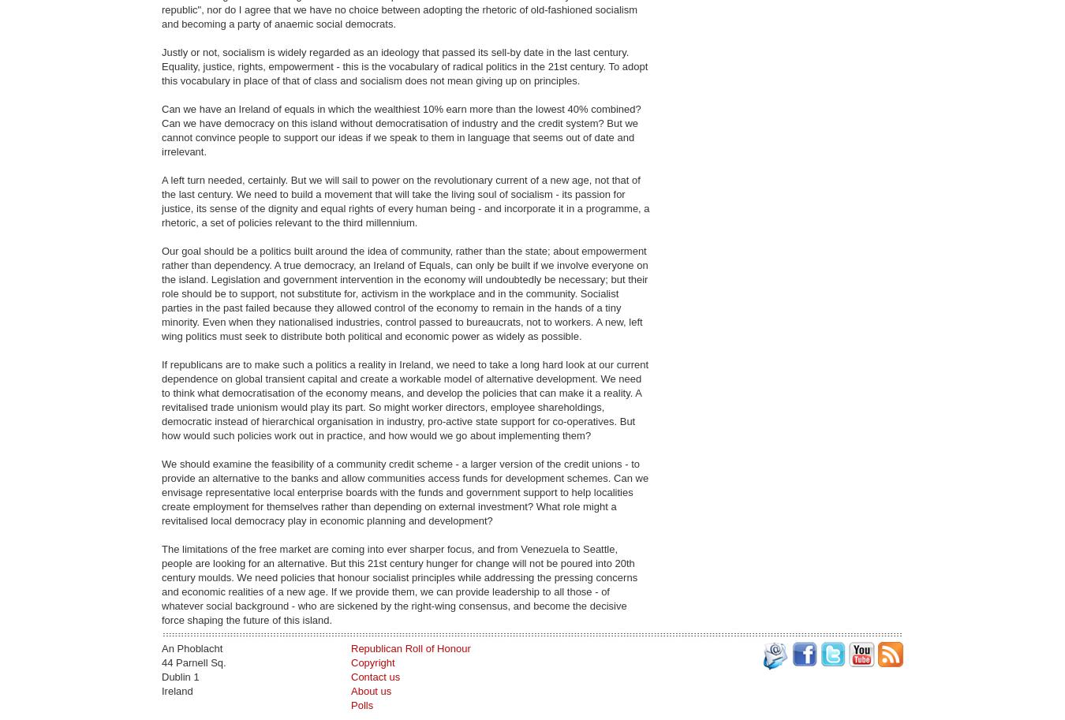  Describe the element at coordinates (404, 293) in the screenshot. I see `'Our goal should be a politics built around the idea of community, rather than the state; about empowerment rather than dependency. A true democracy, an Ireland of Equals, can only be built if we involve everyone on the island. Legislation and government intervention in the economy will undoubtedly be necessary; but their role should be to support, not substitute for, activism in the workplace and in the community. Socialist parties in the past failed because they allowed control of the economy to remain in the hands of a tiny minority. Even when they nationalised industries, control passed to bureaucrats, not to workers. A new, left wing politics must seek to distribute both political and economic power as widely as possible.'` at that location.